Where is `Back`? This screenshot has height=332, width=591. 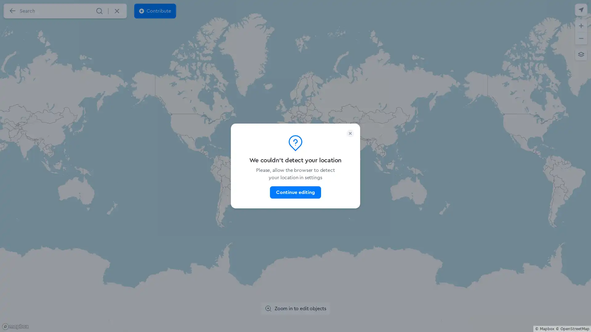
Back is located at coordinates (12, 11).